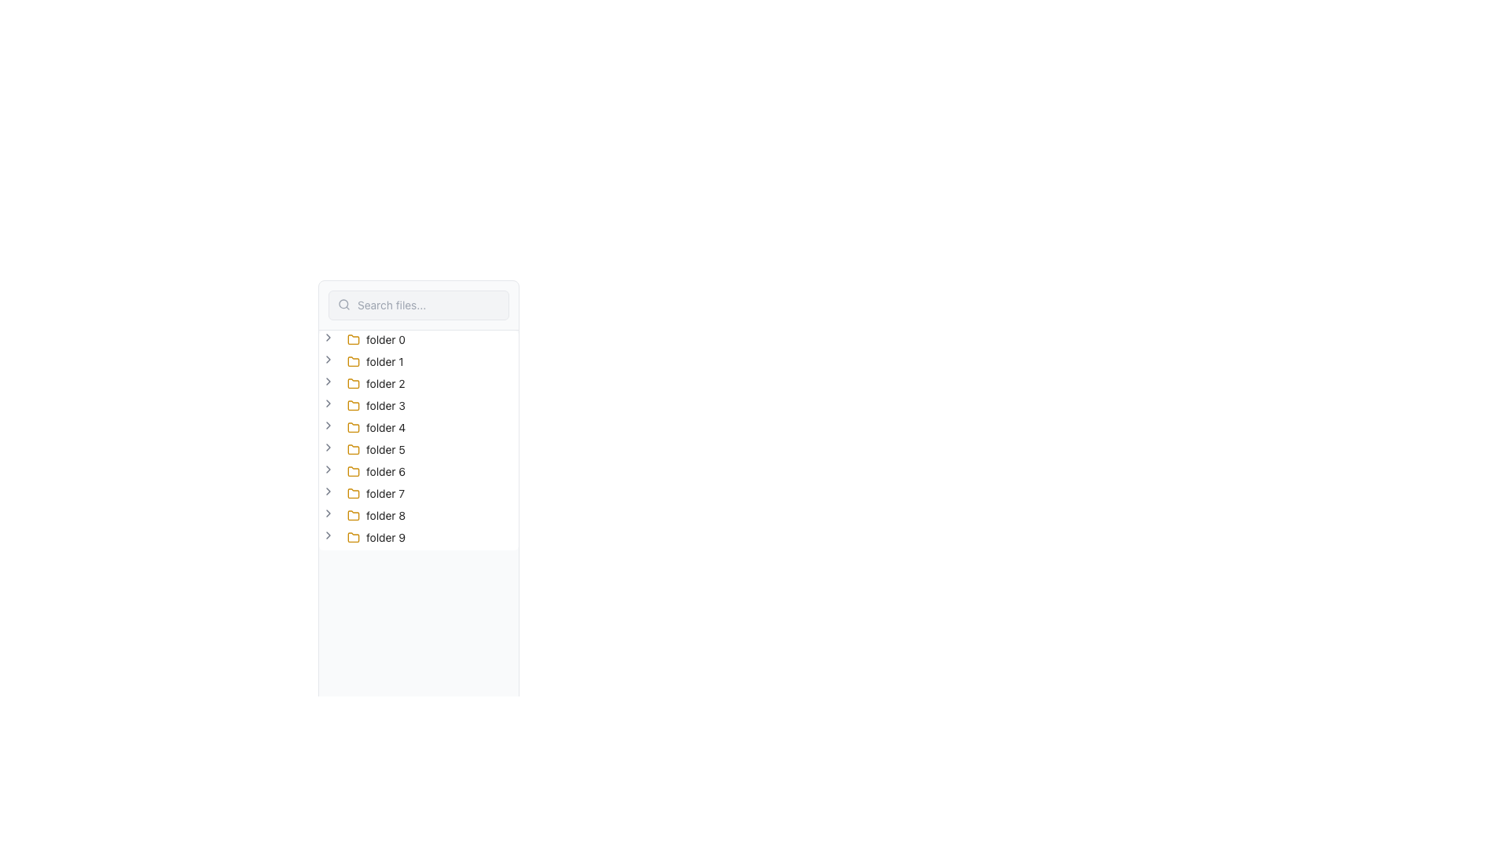 This screenshot has width=1509, height=848. Describe the element at coordinates (386, 427) in the screenshot. I see `the text label displaying 'folder 4'` at that location.